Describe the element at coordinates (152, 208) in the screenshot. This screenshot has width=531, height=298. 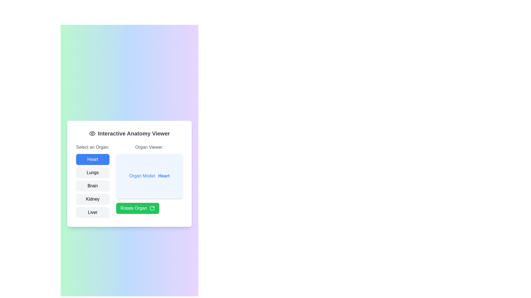
I see `the small circular icon with a clockwise arrow located within the 'Rotate Organ' button to receive feedback` at that location.